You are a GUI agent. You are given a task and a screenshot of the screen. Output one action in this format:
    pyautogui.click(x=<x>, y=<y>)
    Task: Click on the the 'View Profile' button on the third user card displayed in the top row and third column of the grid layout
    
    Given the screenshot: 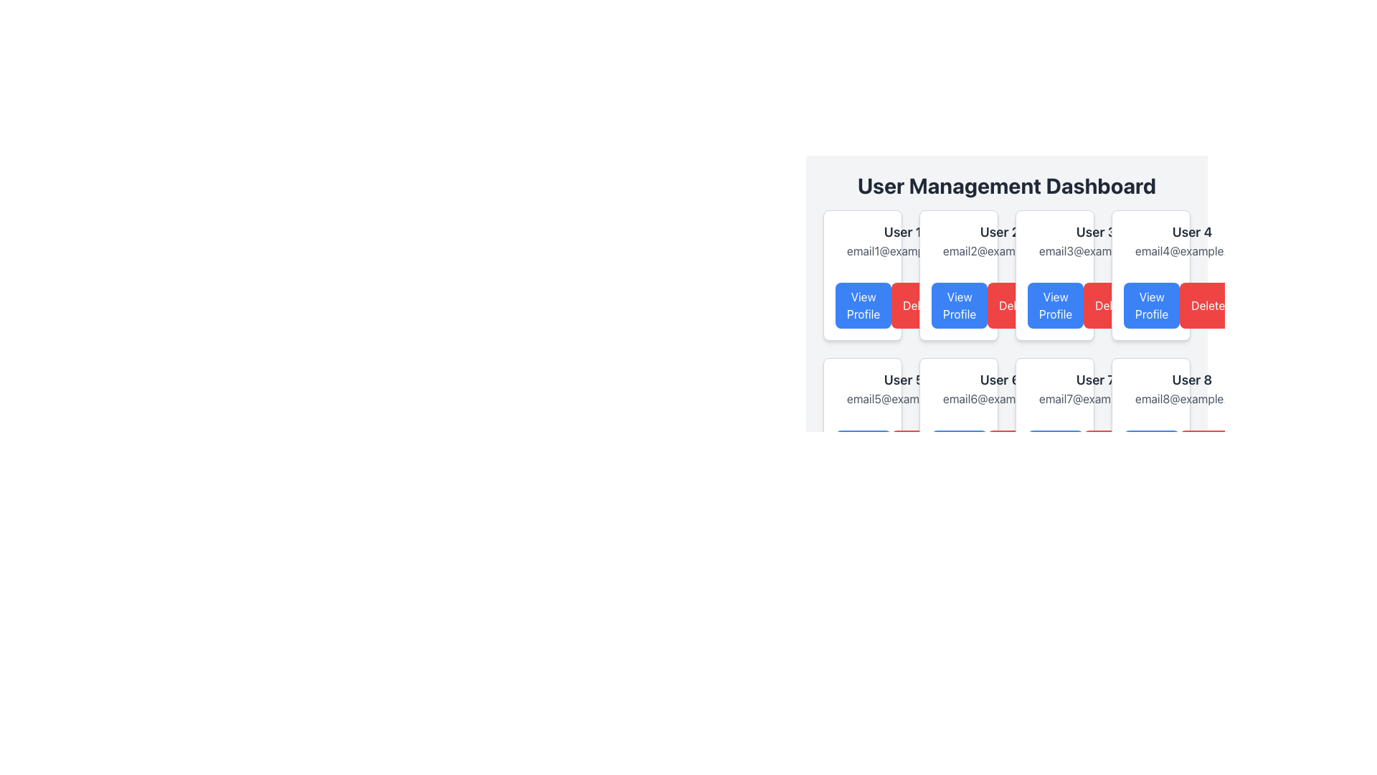 What is the action you would take?
    pyautogui.click(x=1054, y=276)
    